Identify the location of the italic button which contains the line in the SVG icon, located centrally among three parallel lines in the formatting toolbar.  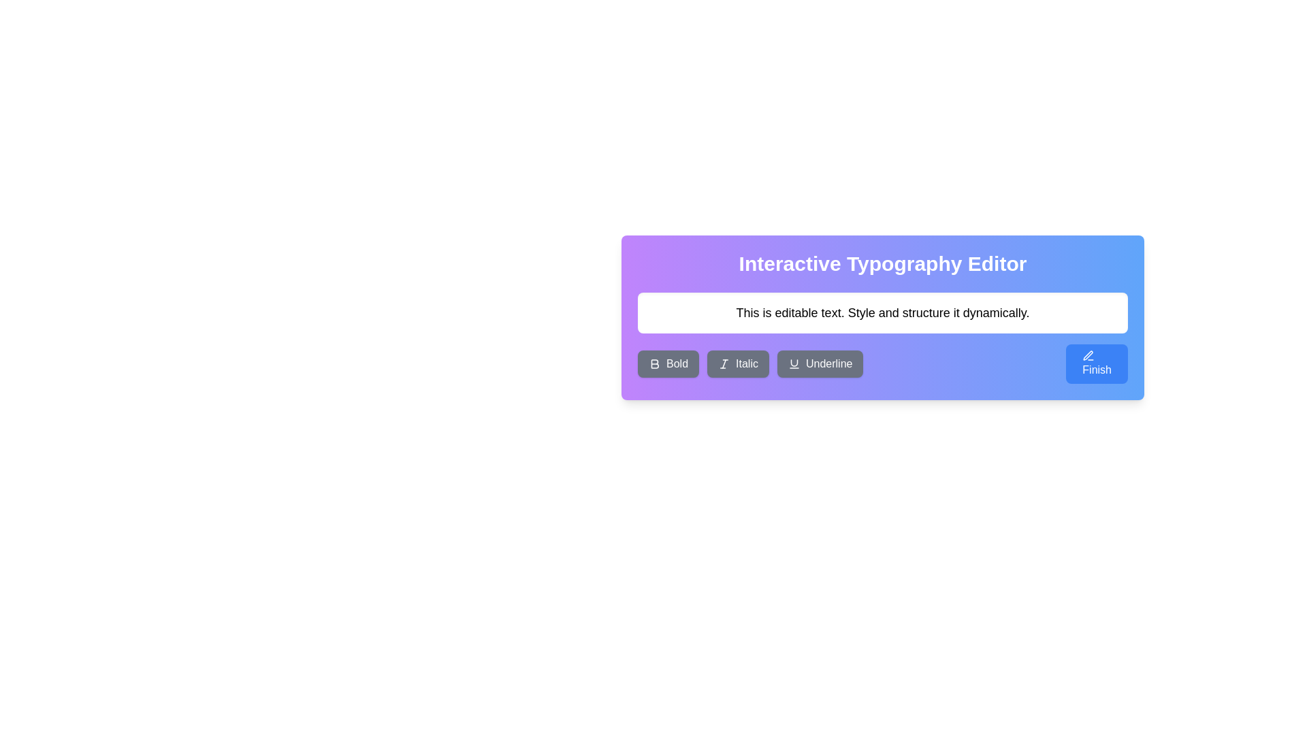
(724, 363).